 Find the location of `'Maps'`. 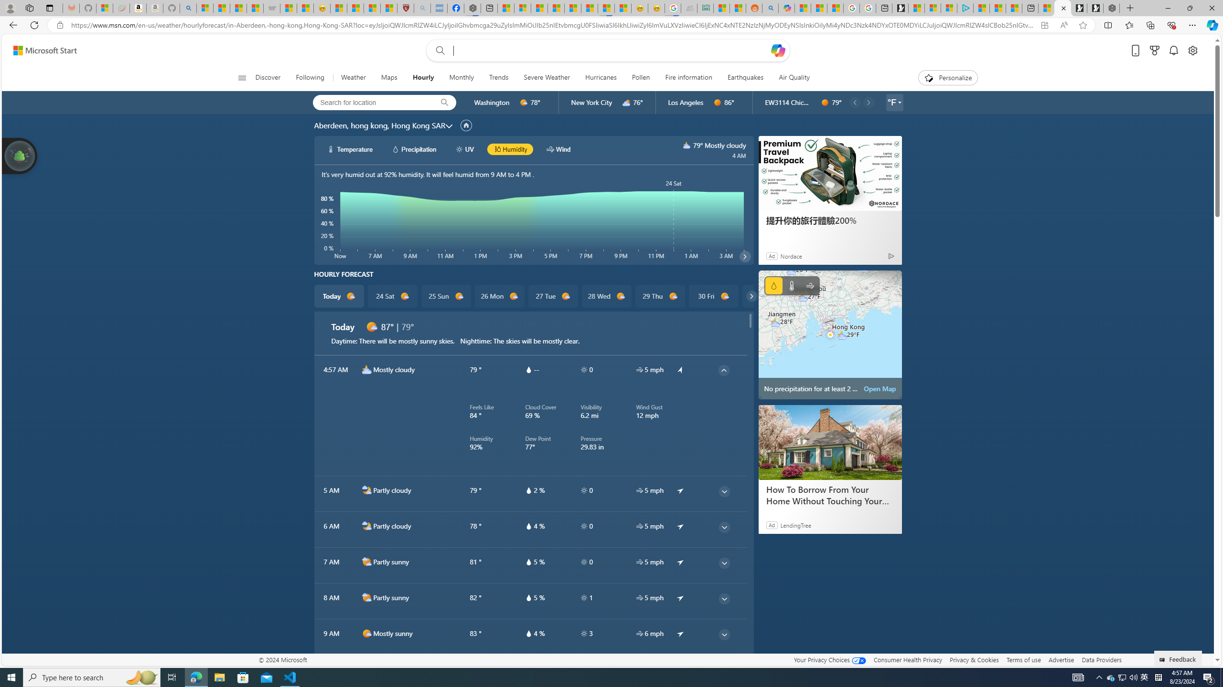

'Maps' is located at coordinates (389, 77).